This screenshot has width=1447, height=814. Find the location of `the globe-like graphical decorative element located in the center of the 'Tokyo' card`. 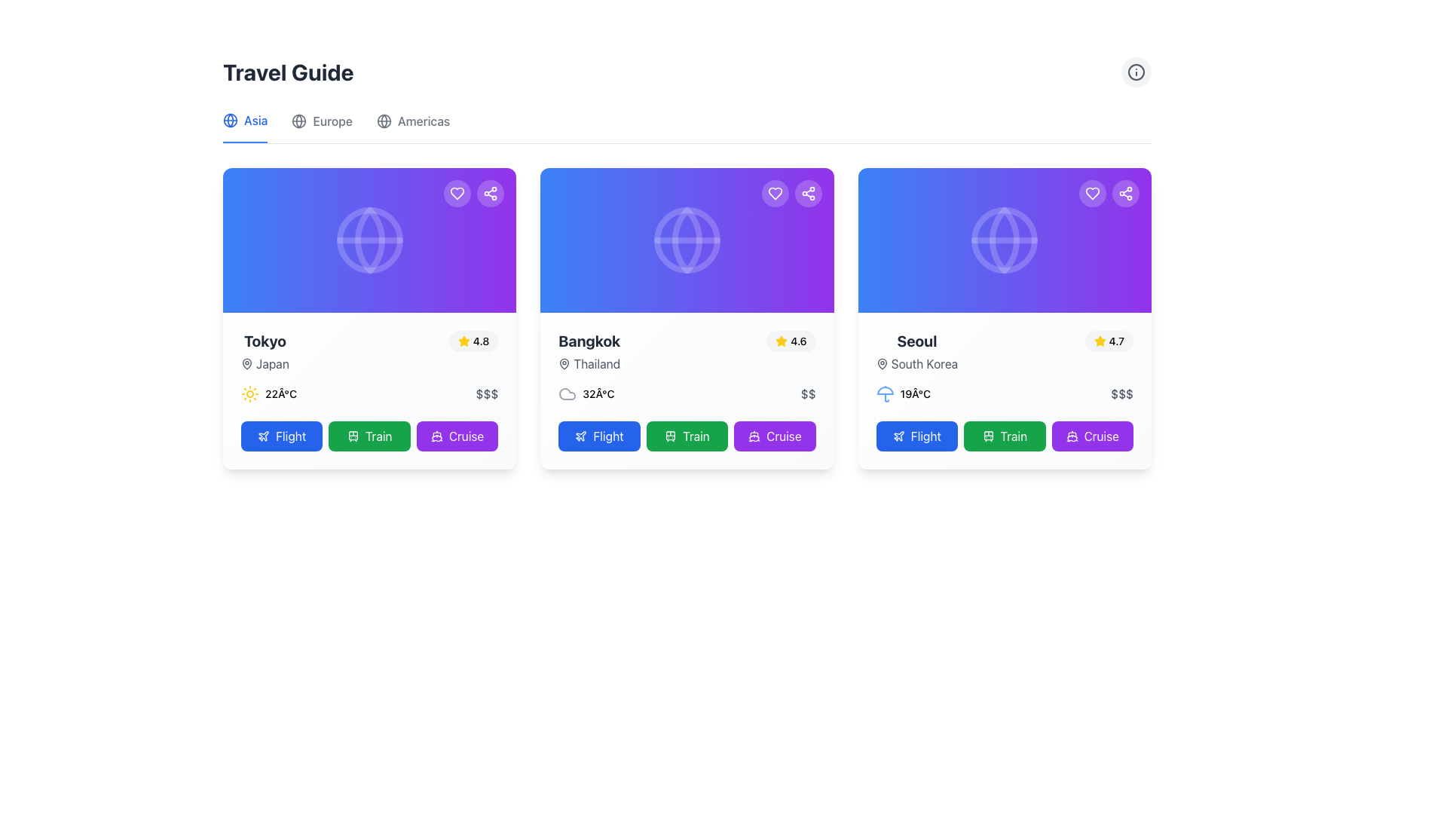

the globe-like graphical decorative element located in the center of the 'Tokyo' card is located at coordinates (369, 240).